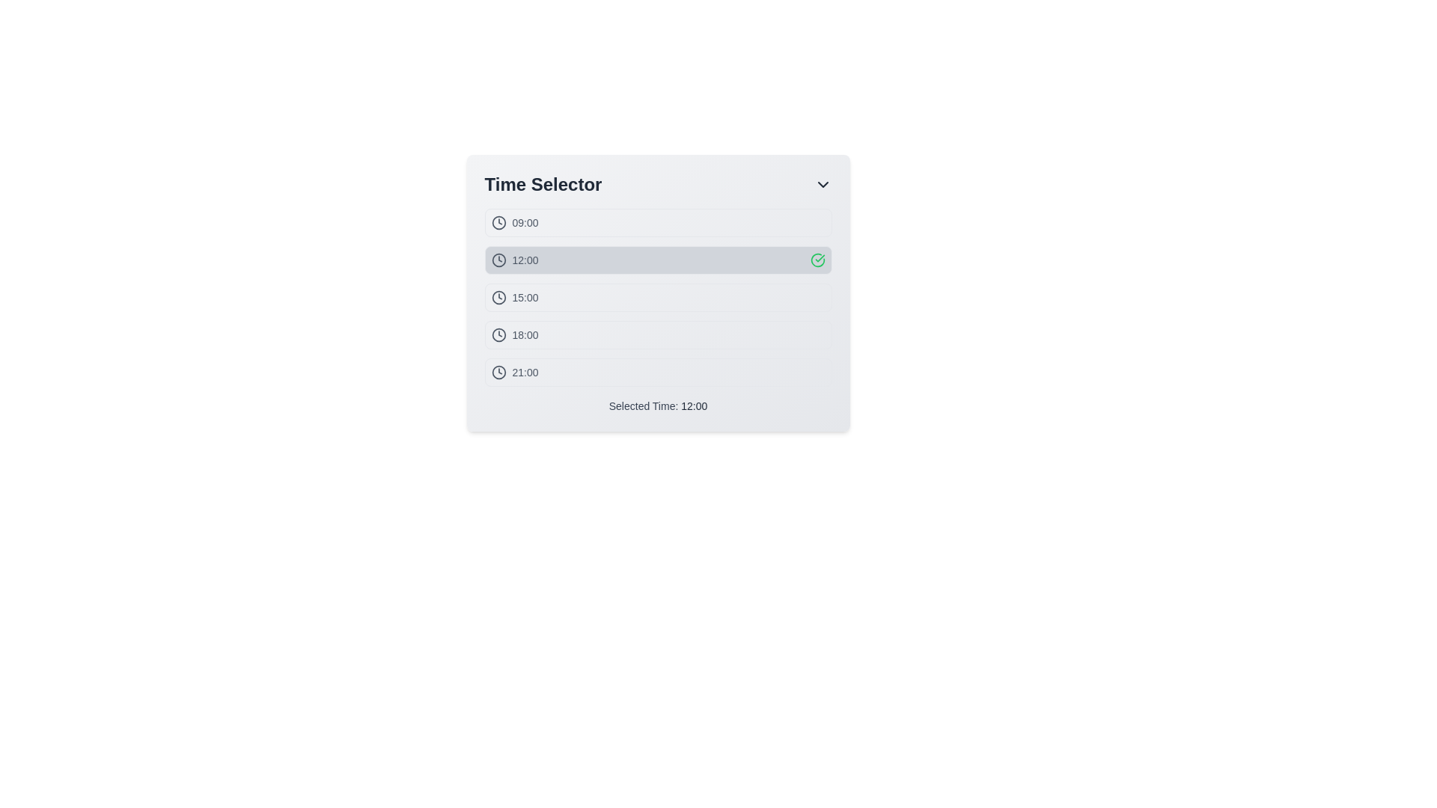  Describe the element at coordinates (498, 222) in the screenshot. I see `the decorative circle element in the SVG graphic that is part of the clock icon next to the '09:00' time selection` at that location.